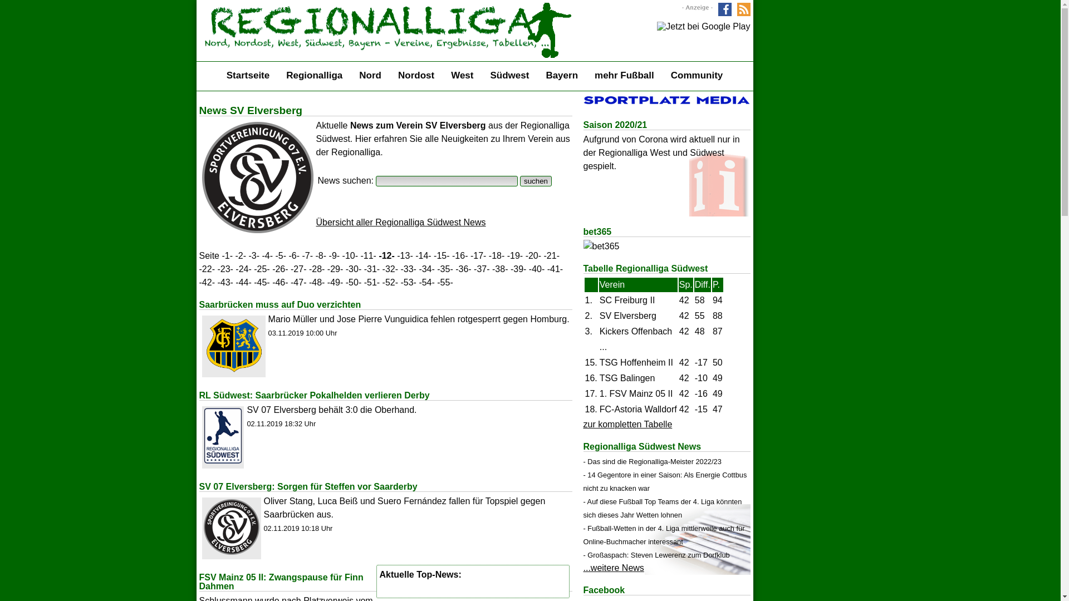 This screenshot has width=1069, height=601. I want to click on '-30-', so click(345, 269).